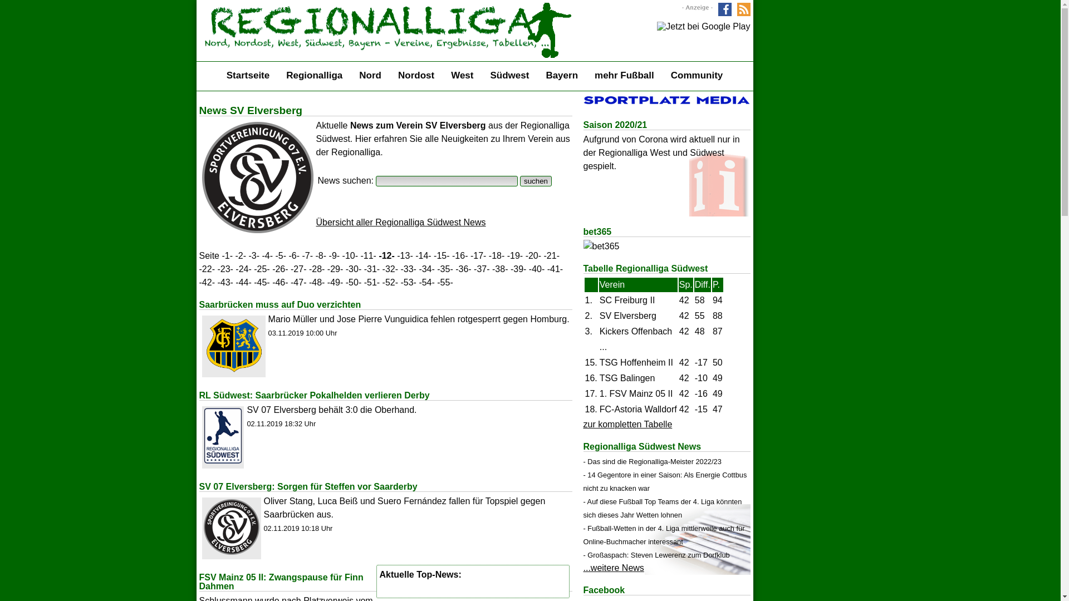 This screenshot has width=1069, height=601. I want to click on '-30-', so click(345, 269).